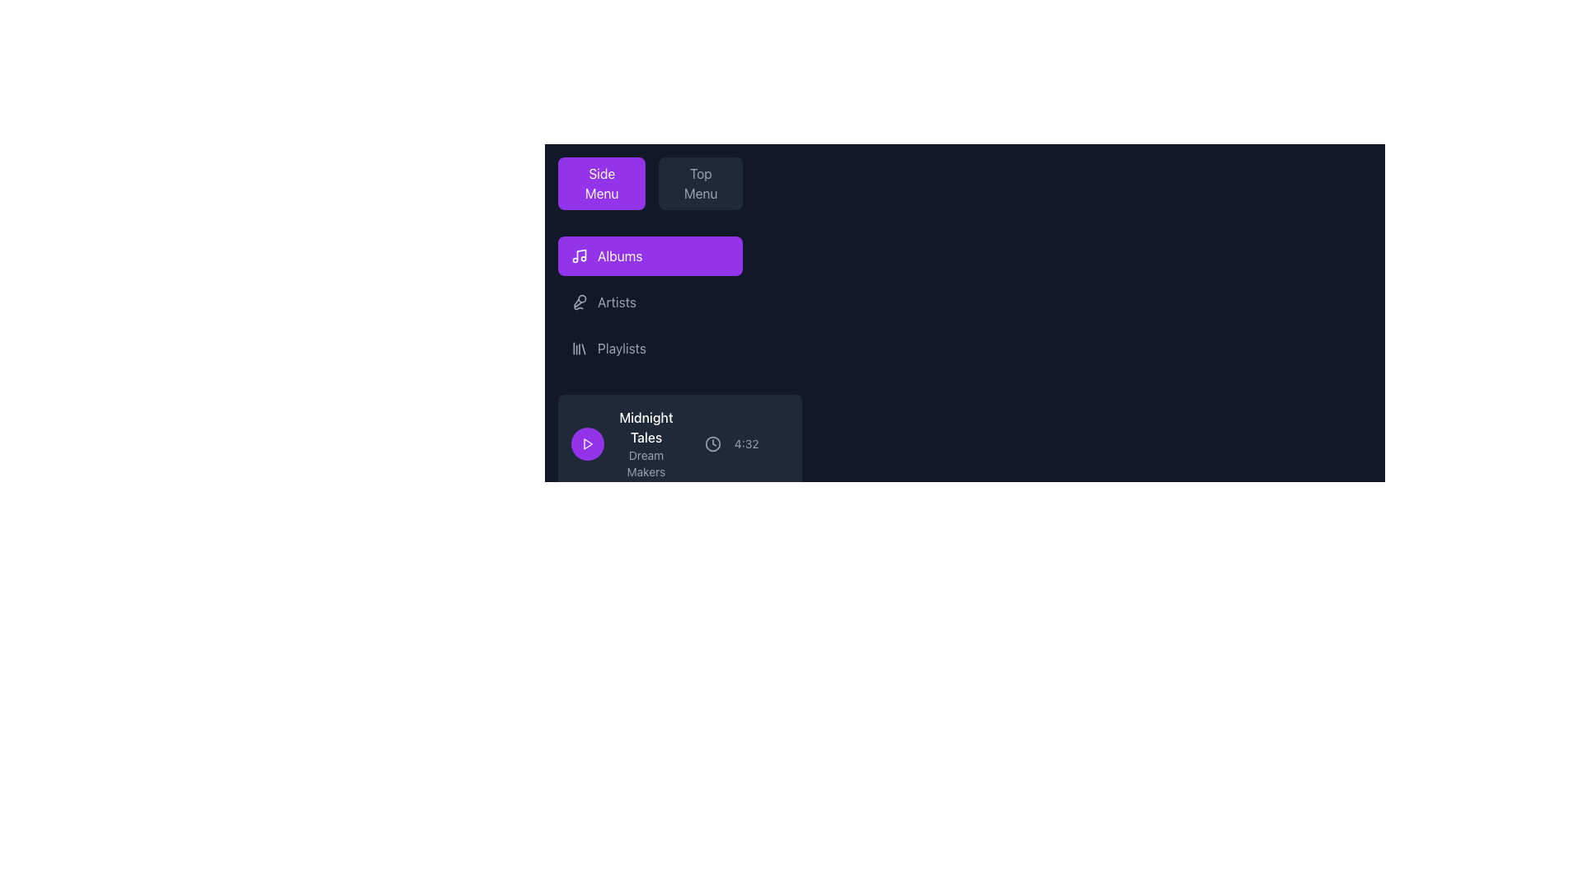  What do you see at coordinates (616, 302) in the screenshot?
I see `the 'Artists' static text label in the sidebar navigation menu, which is positioned between the 'Albums' and 'Playlists' rows` at bounding box center [616, 302].